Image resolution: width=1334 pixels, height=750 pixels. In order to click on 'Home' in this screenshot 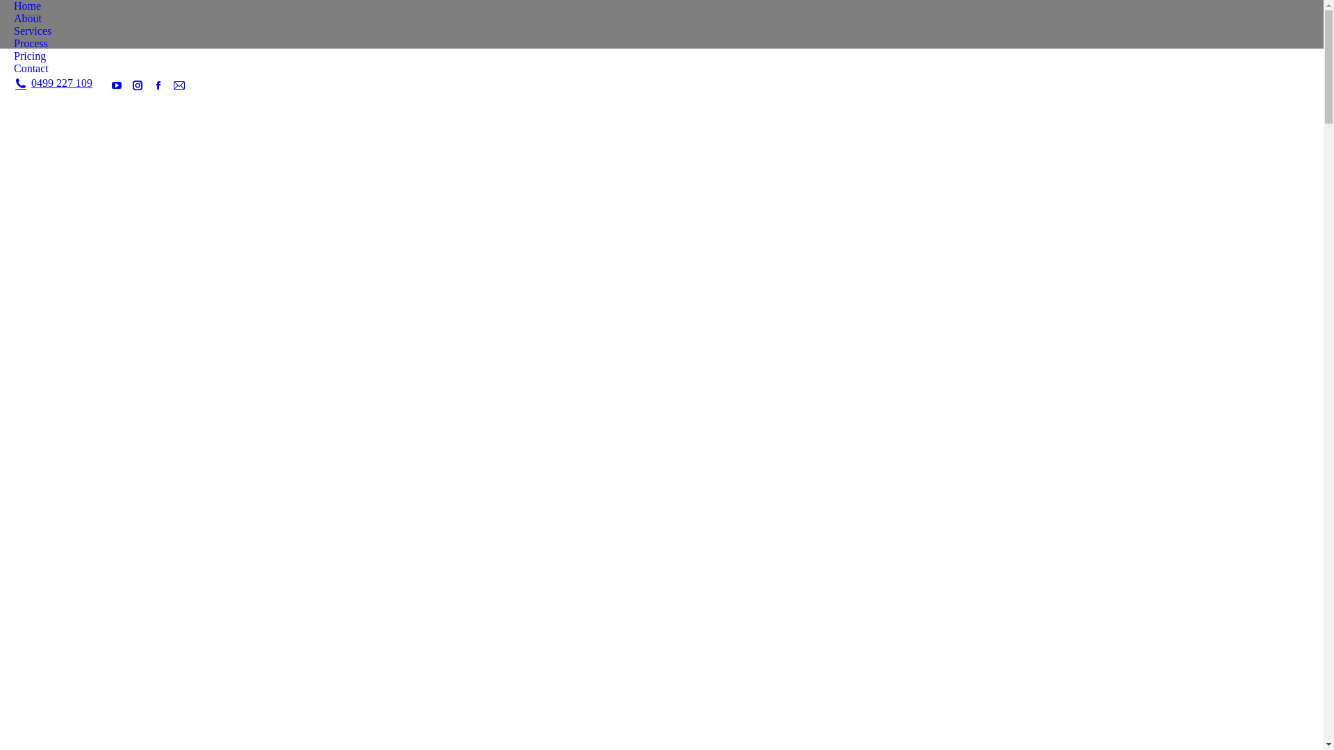, I will do `click(13, 6)`.